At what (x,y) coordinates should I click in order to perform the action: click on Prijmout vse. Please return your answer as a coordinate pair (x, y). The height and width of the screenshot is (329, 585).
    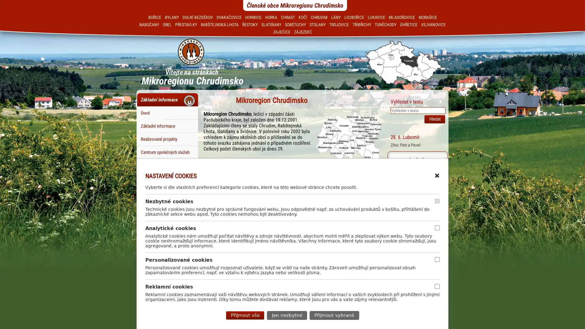
    Looking at the image, I should click on (245, 315).